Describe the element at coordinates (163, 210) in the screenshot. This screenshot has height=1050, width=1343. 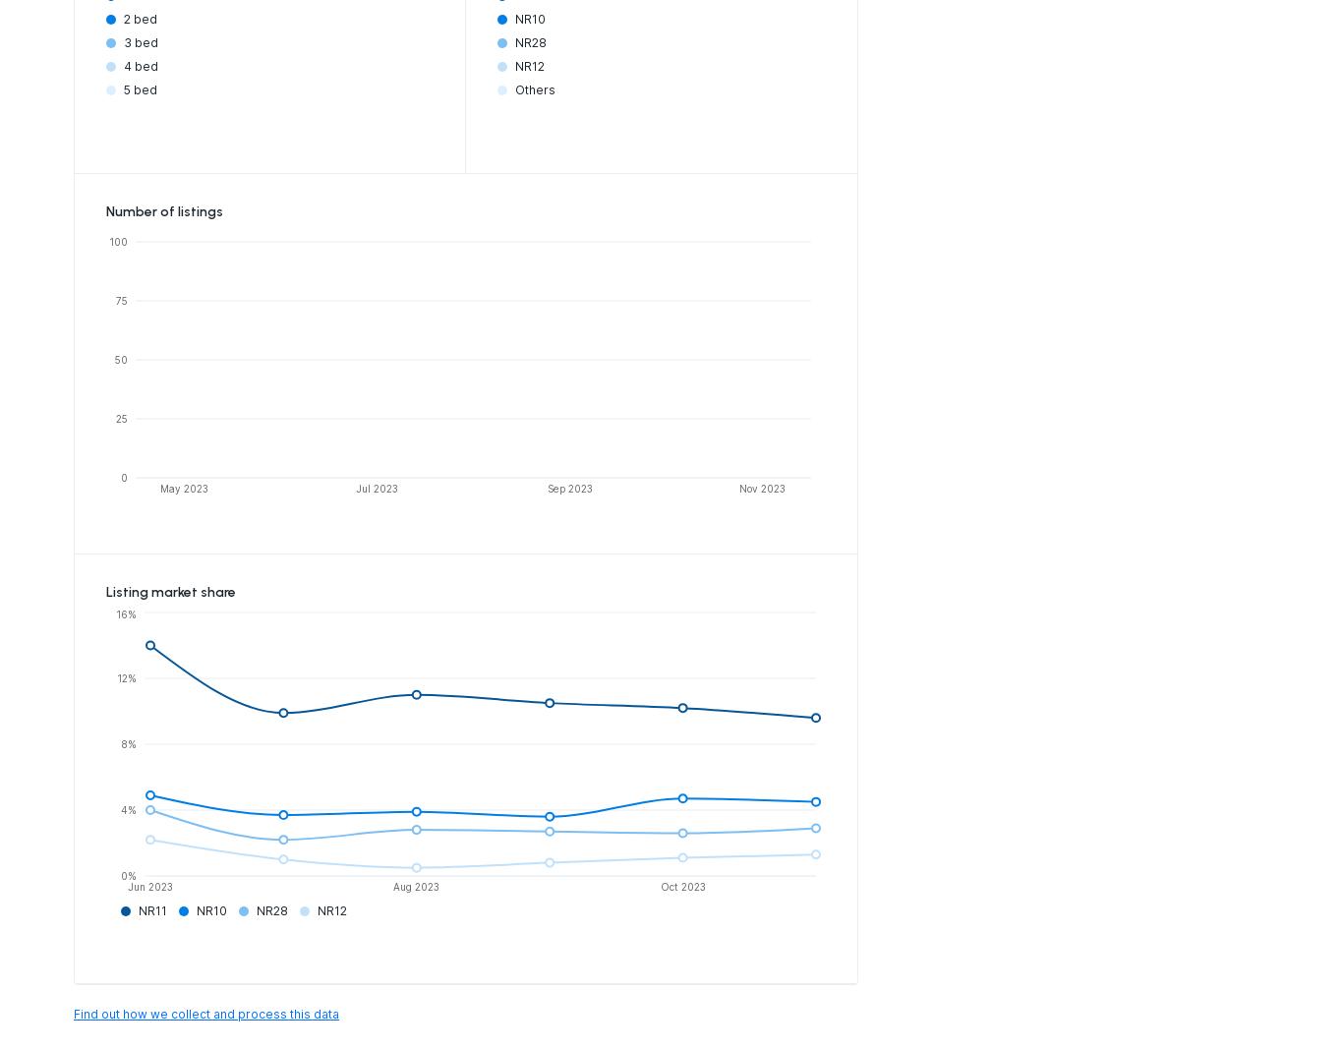
I see `'Number of listings'` at that location.